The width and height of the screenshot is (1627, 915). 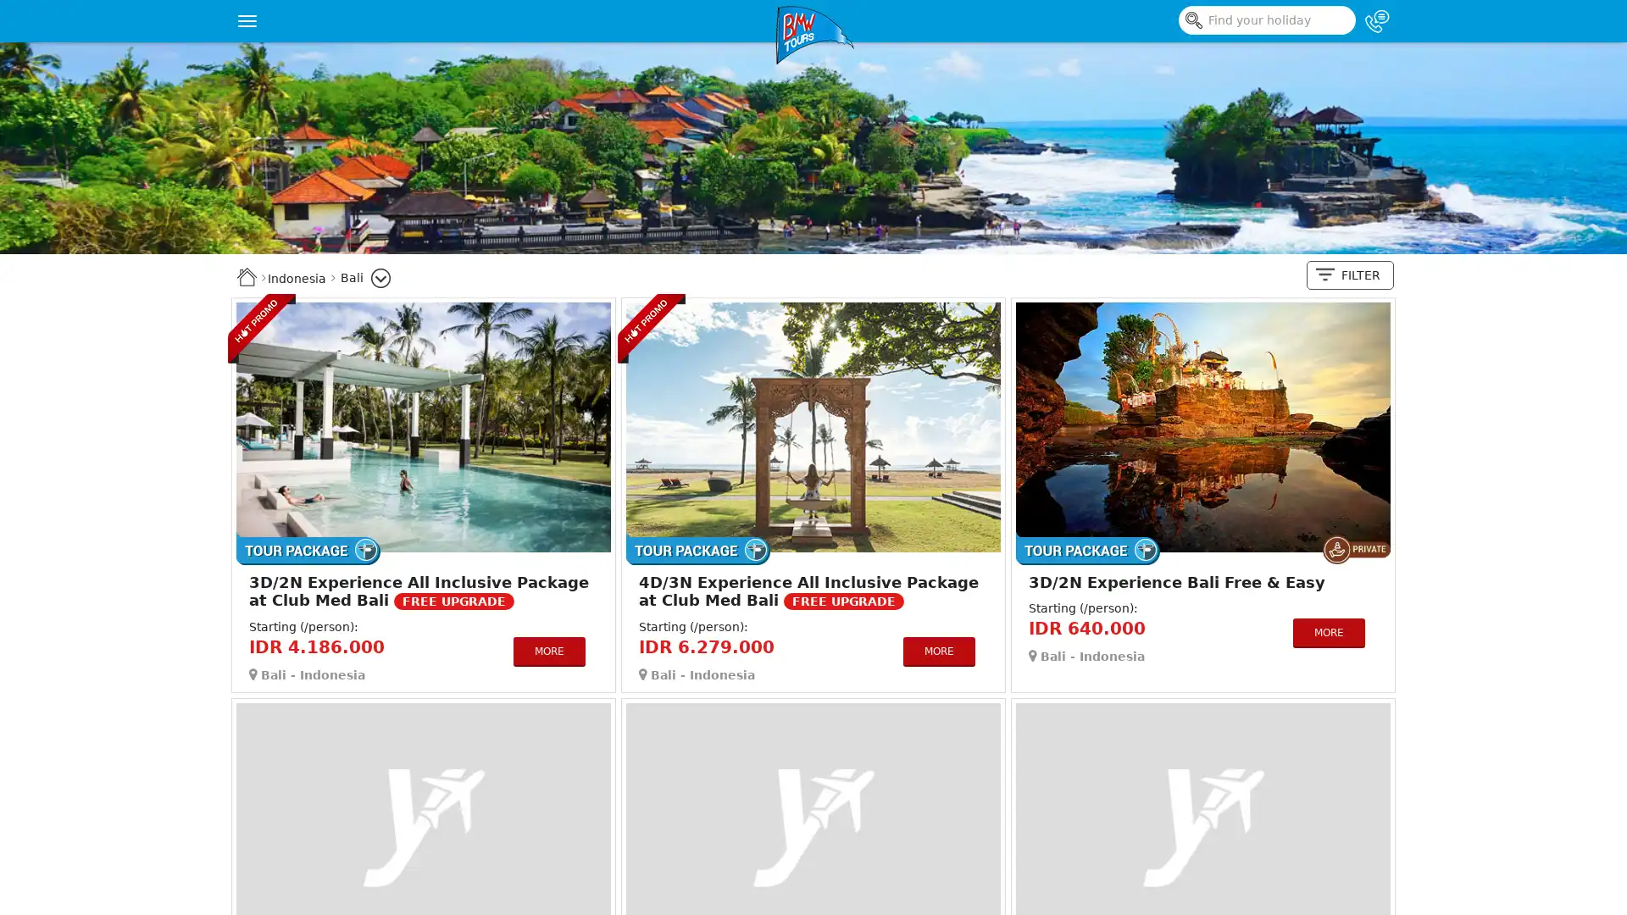 What do you see at coordinates (937, 650) in the screenshot?
I see `MORE` at bounding box center [937, 650].